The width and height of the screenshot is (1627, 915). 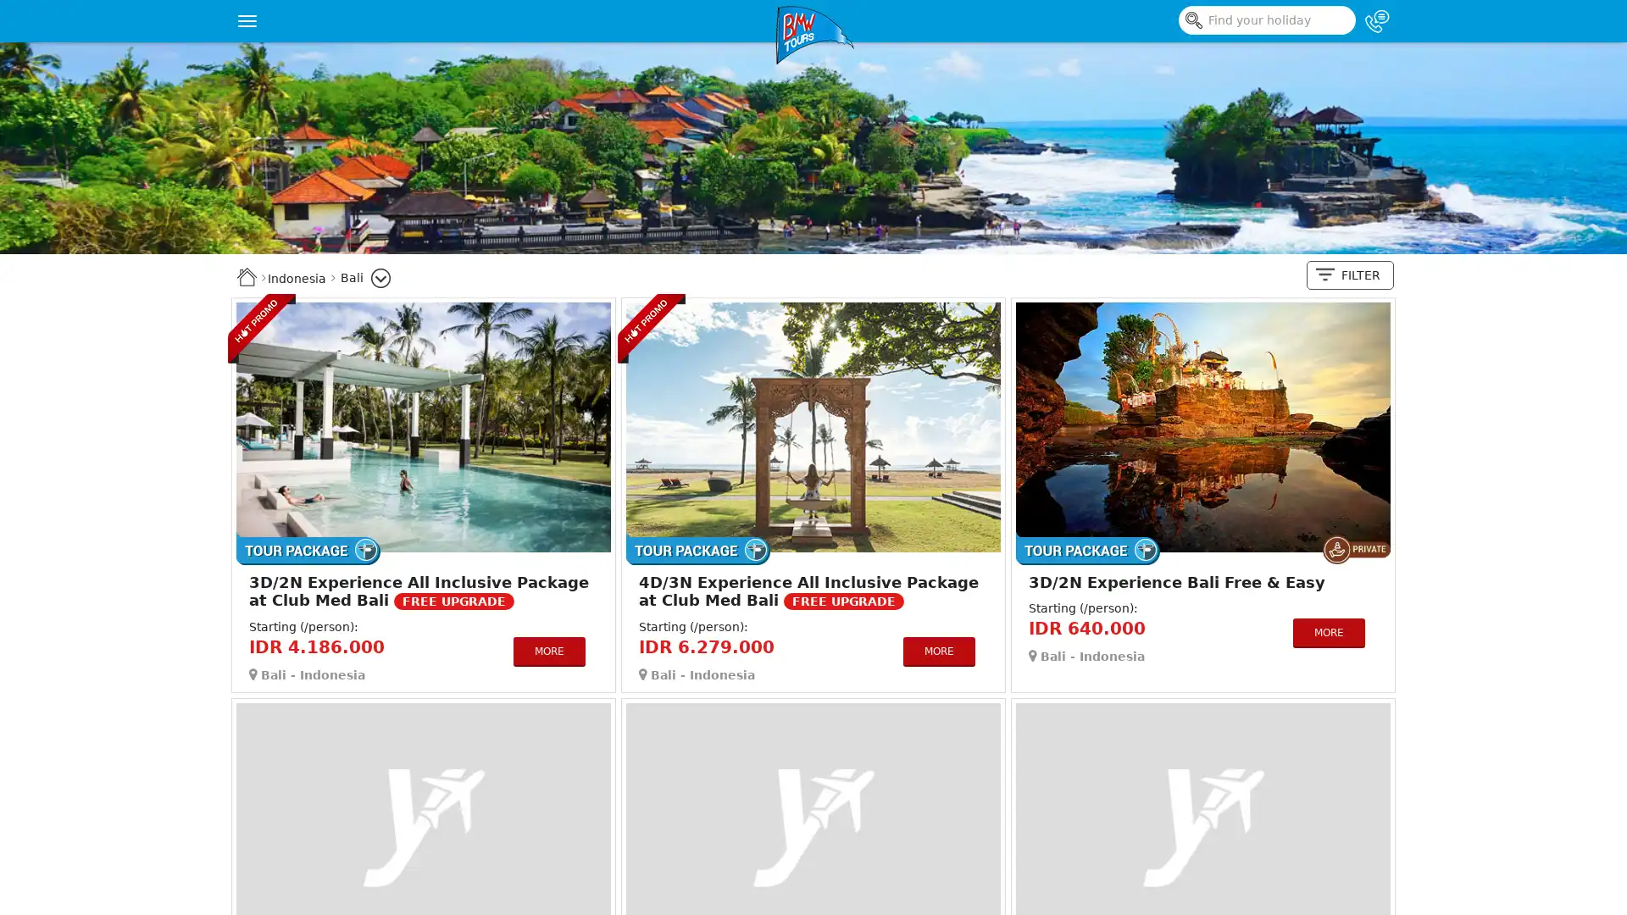 What do you see at coordinates (937, 650) in the screenshot?
I see `MORE` at bounding box center [937, 650].